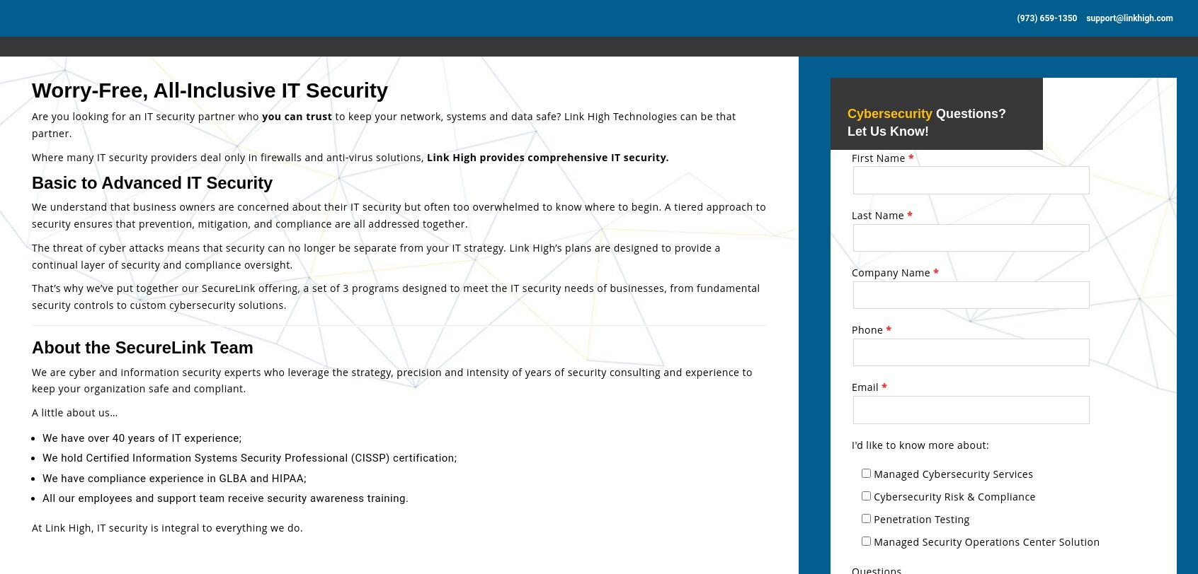 This screenshot has height=574, width=1198. Describe the element at coordinates (67, 464) in the screenshot. I see `'MITIGATION'` at that location.